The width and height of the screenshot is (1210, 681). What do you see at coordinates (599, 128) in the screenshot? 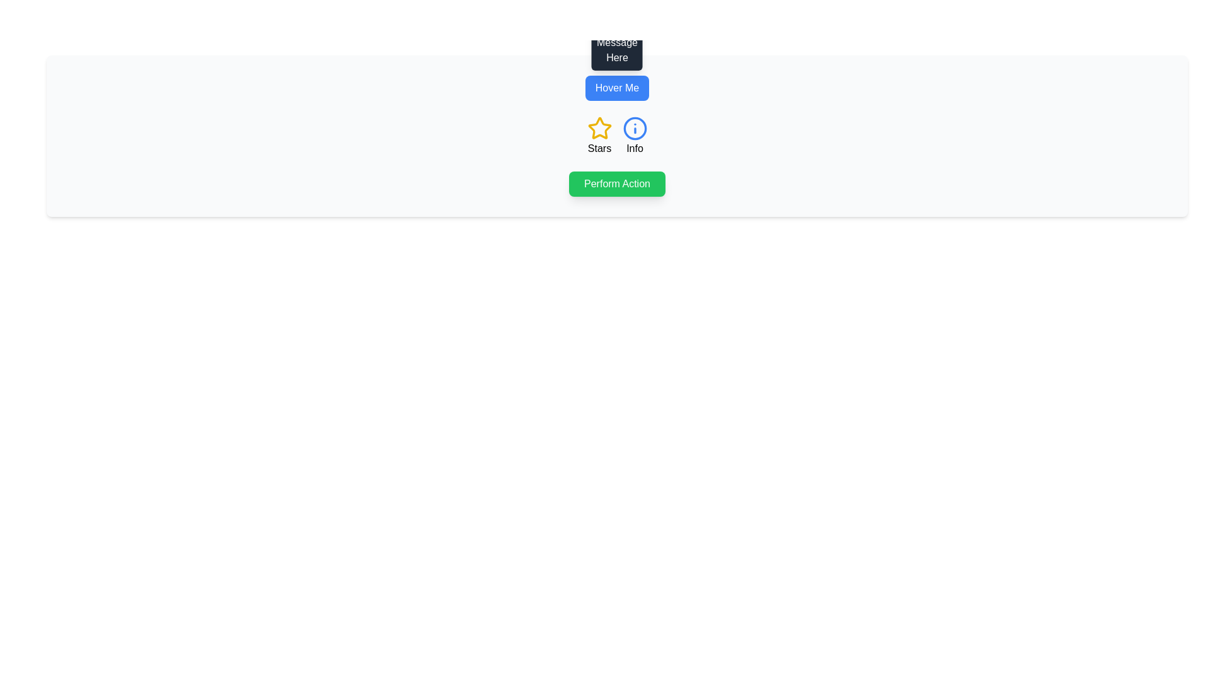
I see `the star-shaped icon with a bright yellow outline located to the left of the circular information icon` at bounding box center [599, 128].